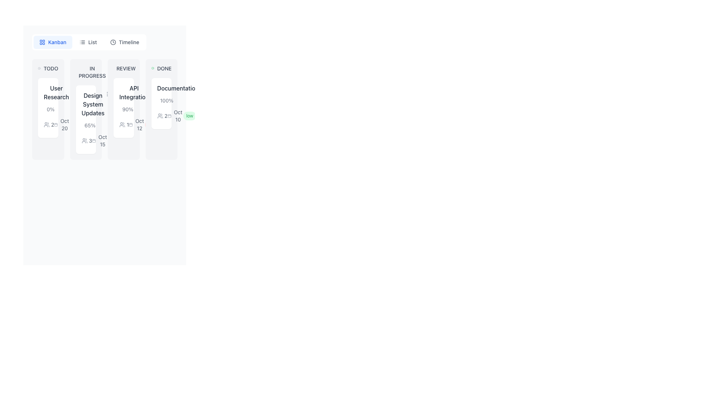  Describe the element at coordinates (86, 104) in the screenshot. I see `the title label located at the top-left corner of the card in the 'IN PROGRESS' column of the Kanban board` at that location.